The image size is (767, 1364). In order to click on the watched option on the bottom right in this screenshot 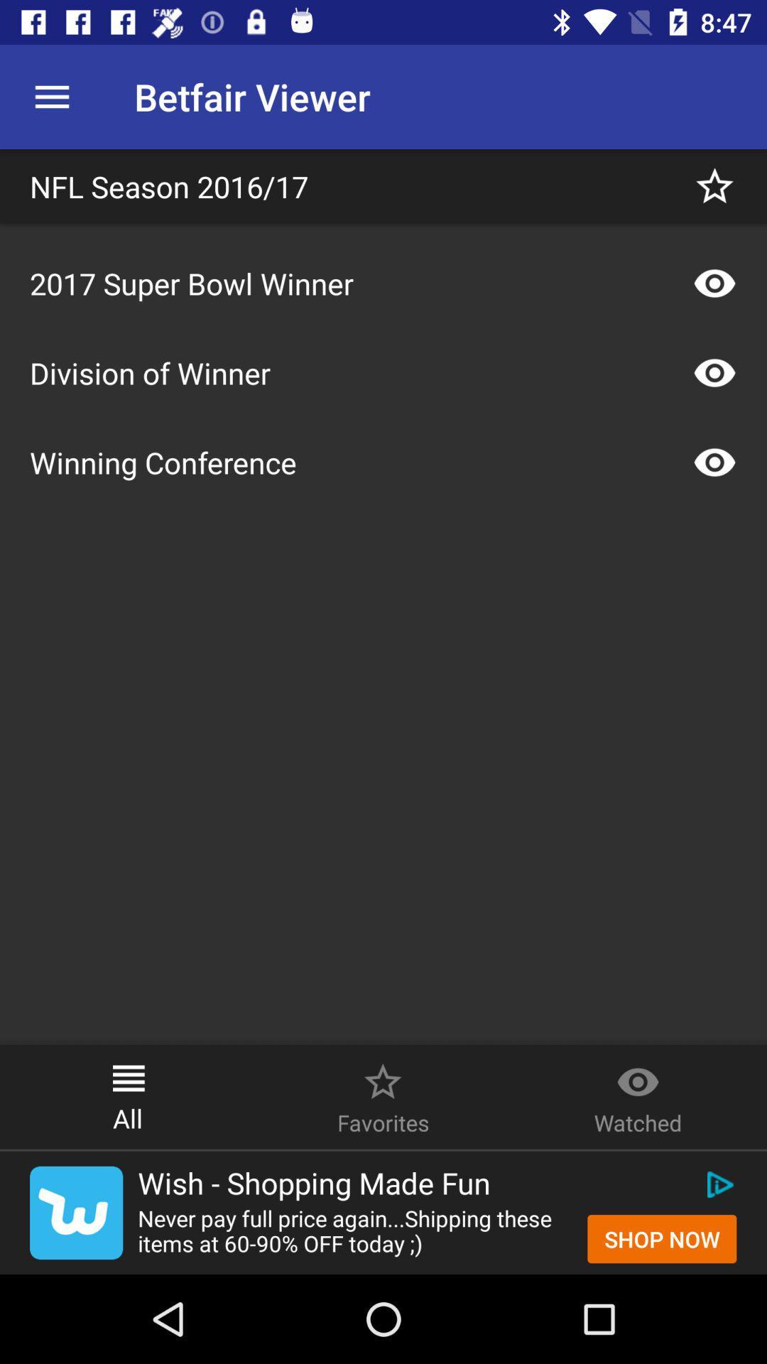, I will do `click(637, 1074)`.